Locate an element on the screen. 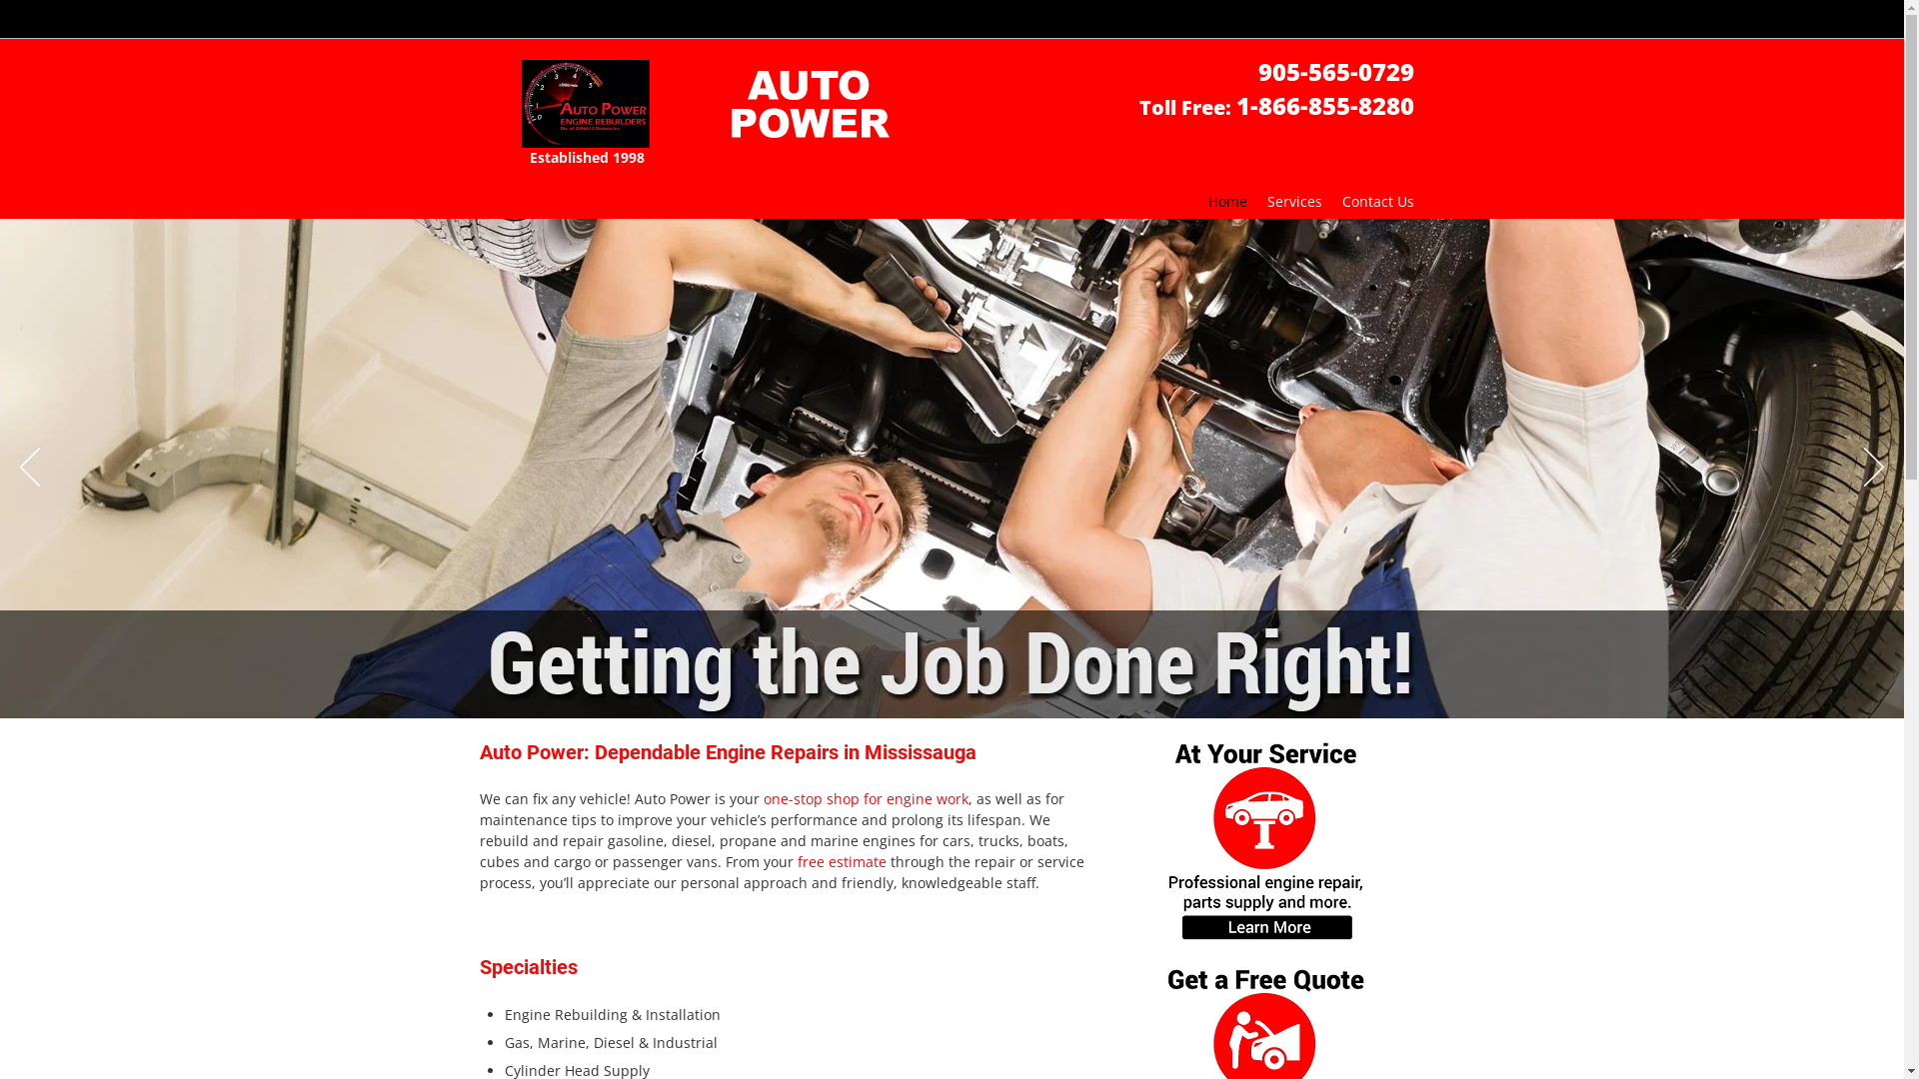  '1-866-855-8280' is located at coordinates (1323, 111).